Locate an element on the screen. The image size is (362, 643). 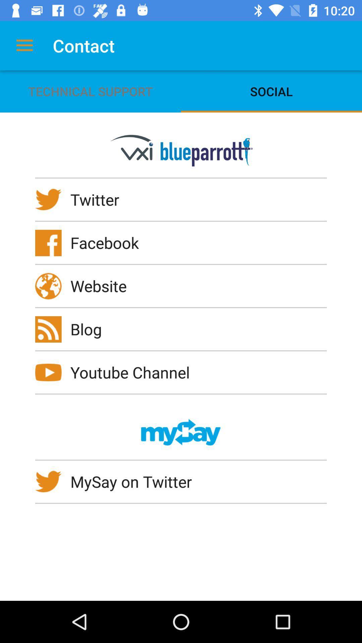
the youtube channel is located at coordinates (134, 372).